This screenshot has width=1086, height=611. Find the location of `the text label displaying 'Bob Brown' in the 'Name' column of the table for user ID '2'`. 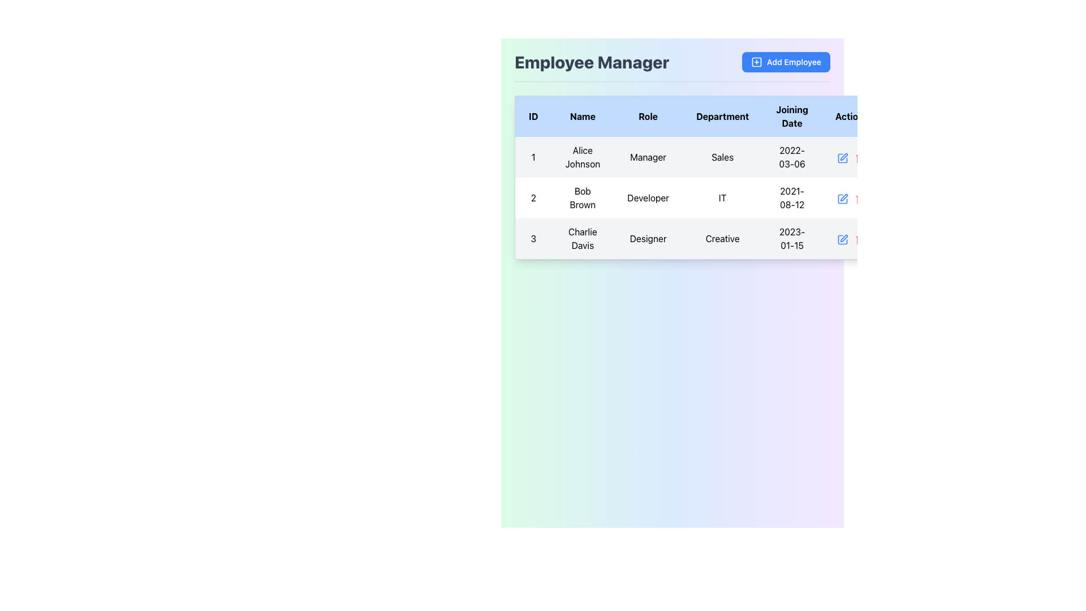

the text label displaying 'Bob Brown' in the 'Name' column of the table for user ID '2' is located at coordinates (583, 197).